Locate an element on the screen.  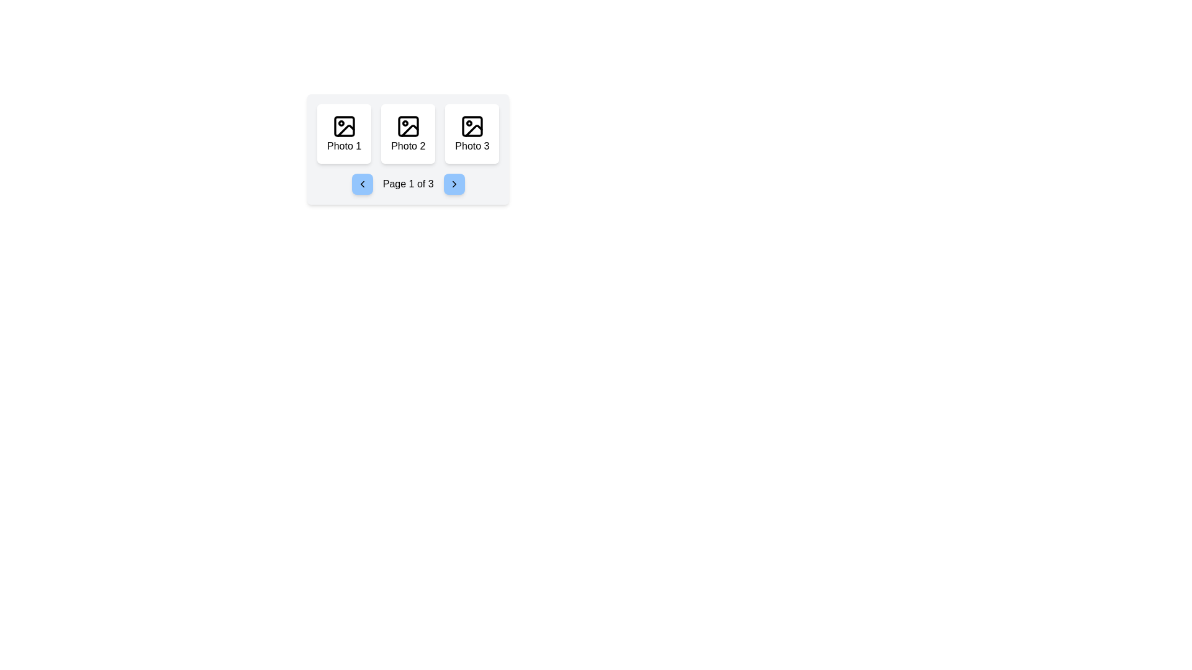
the chevron icon in the lower-right corner of the pagination section is located at coordinates (453, 184).